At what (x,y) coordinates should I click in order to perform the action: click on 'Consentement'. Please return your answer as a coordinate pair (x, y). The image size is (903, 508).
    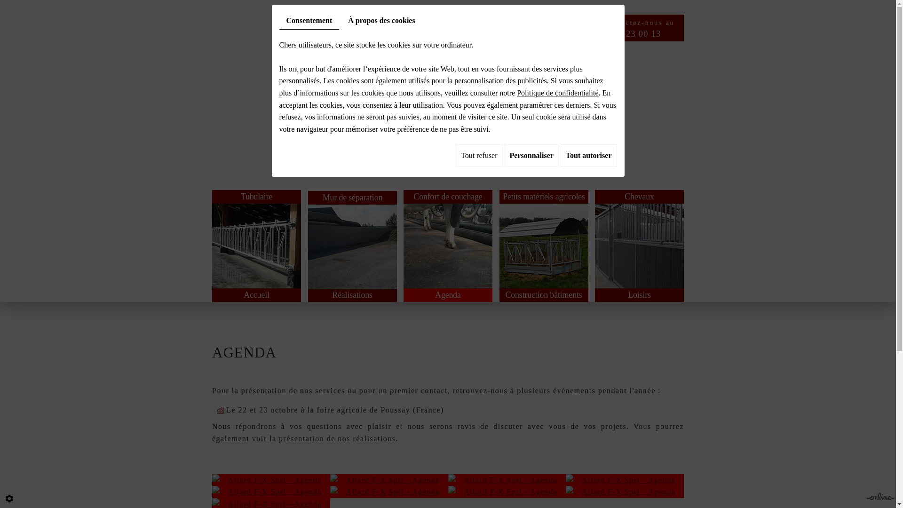
    Looking at the image, I should click on (309, 21).